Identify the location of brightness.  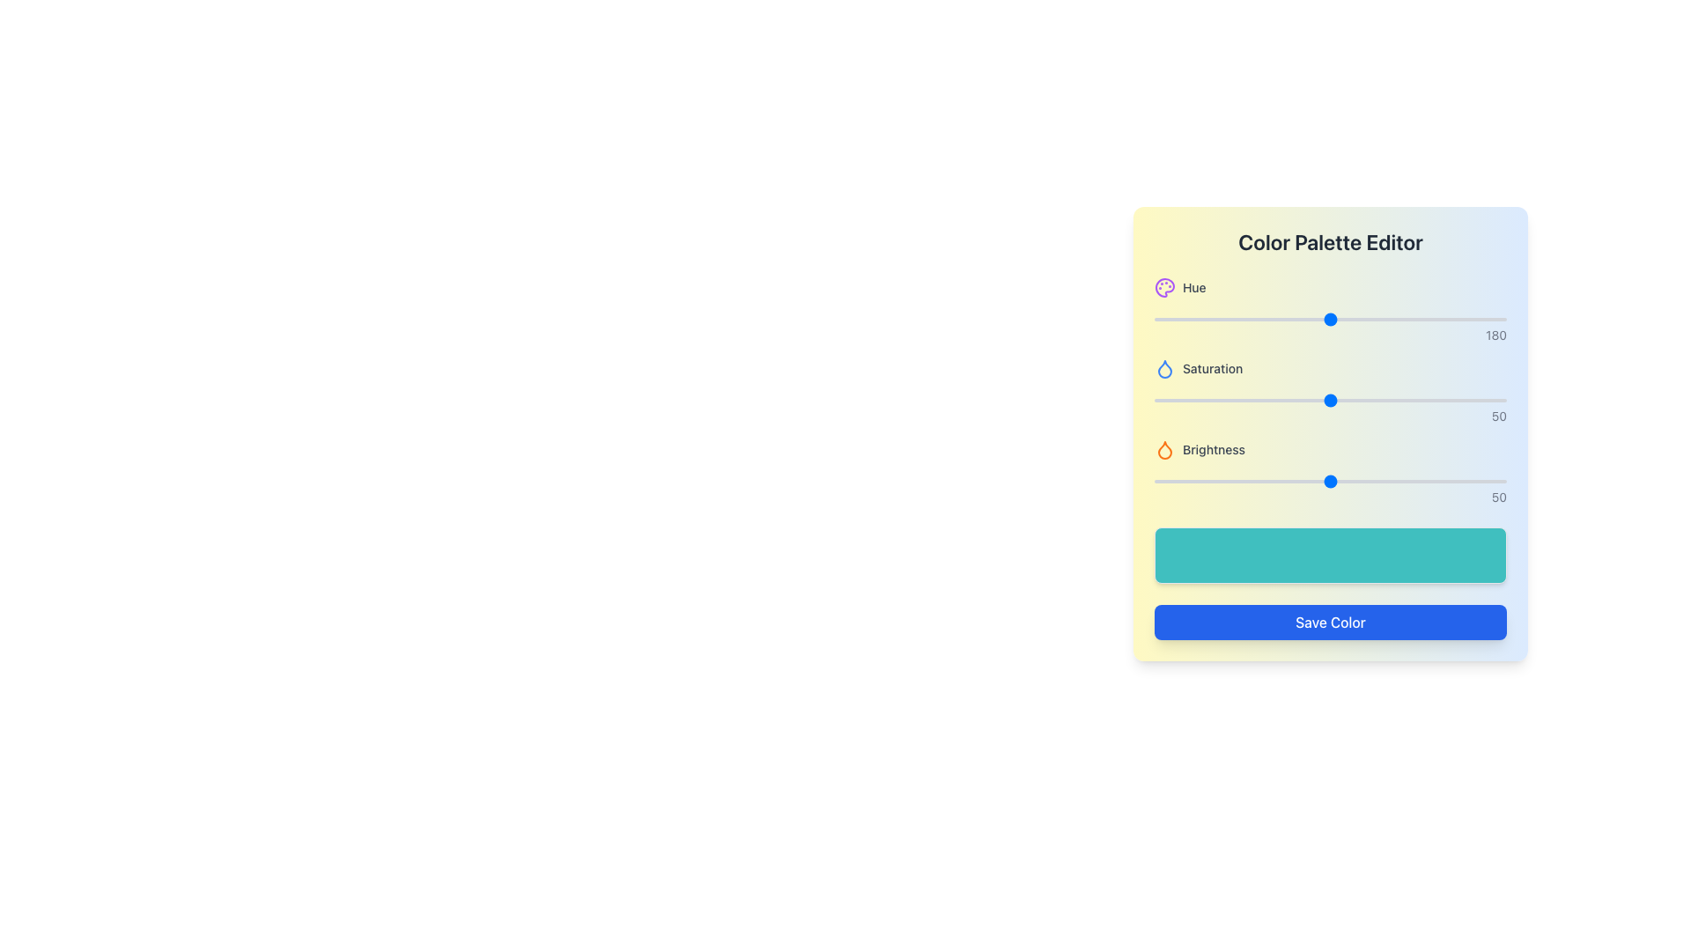
(1168, 482).